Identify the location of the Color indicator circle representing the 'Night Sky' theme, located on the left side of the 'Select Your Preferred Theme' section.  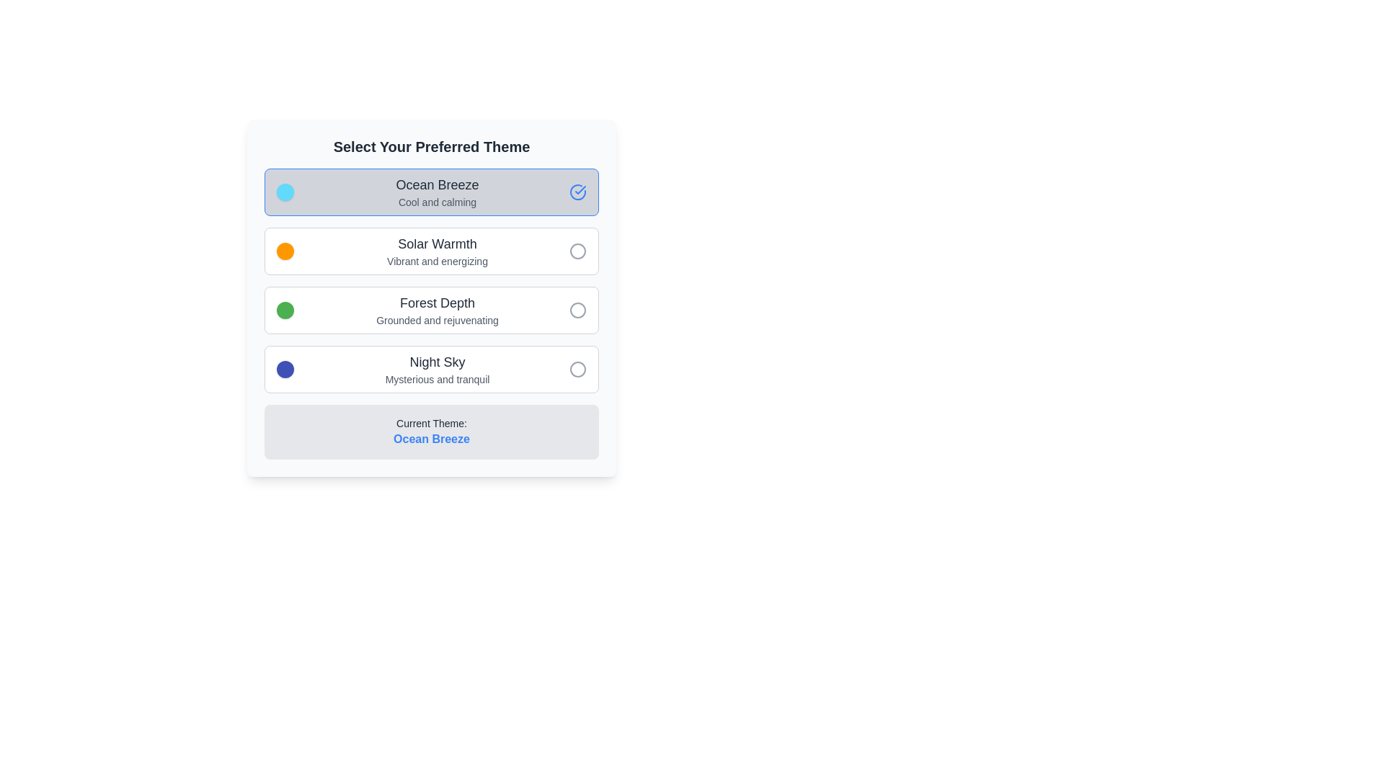
(285, 369).